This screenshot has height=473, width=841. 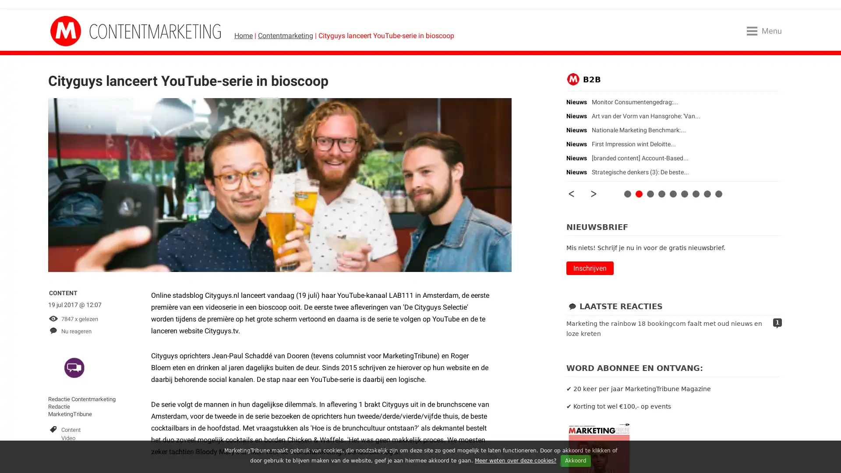 I want to click on AANMELDEN, so click(x=766, y=446).